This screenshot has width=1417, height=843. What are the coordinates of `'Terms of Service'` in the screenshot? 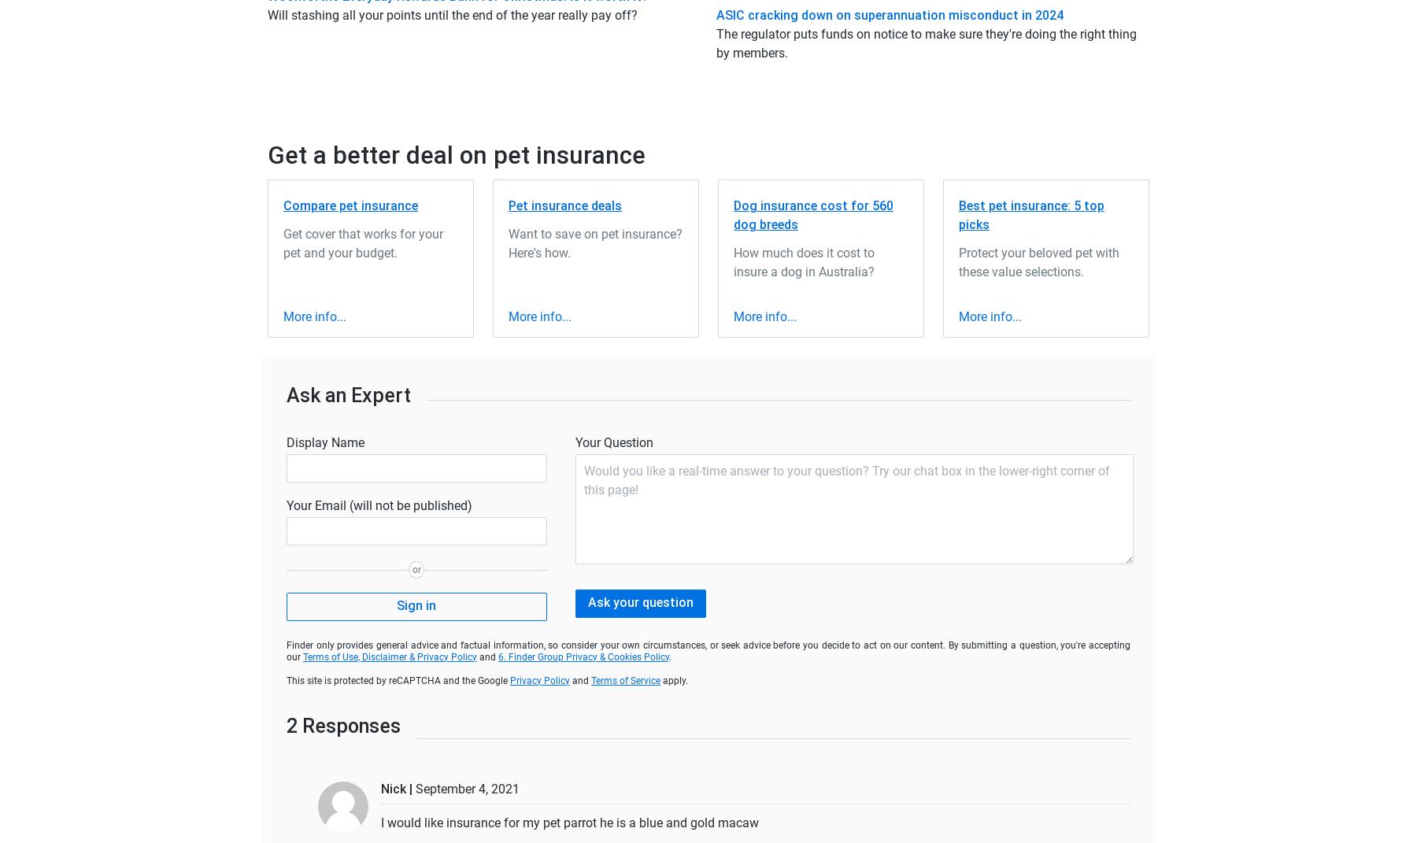 It's located at (626, 679).